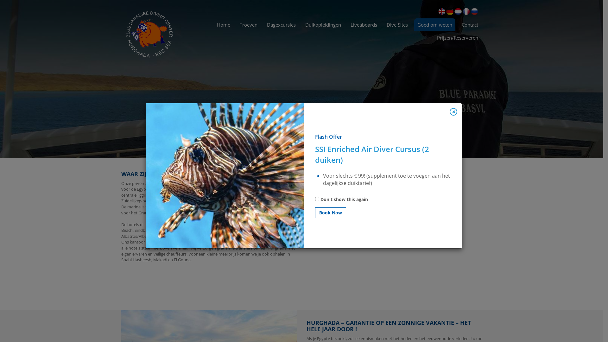 Image resolution: width=608 pixels, height=342 pixels. What do you see at coordinates (457, 38) in the screenshot?
I see `'Prijzen/Reserveren'` at bounding box center [457, 38].